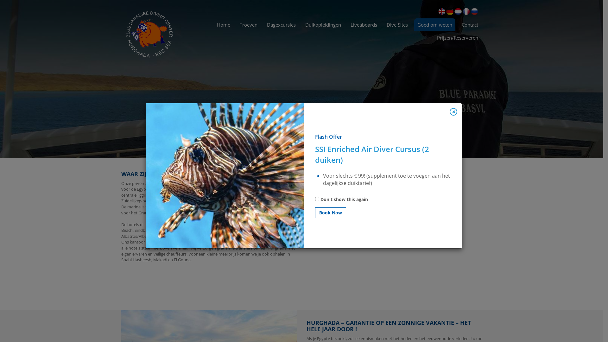 Image resolution: width=608 pixels, height=342 pixels. What do you see at coordinates (457, 38) in the screenshot?
I see `'Prijzen/Reserveren'` at bounding box center [457, 38].